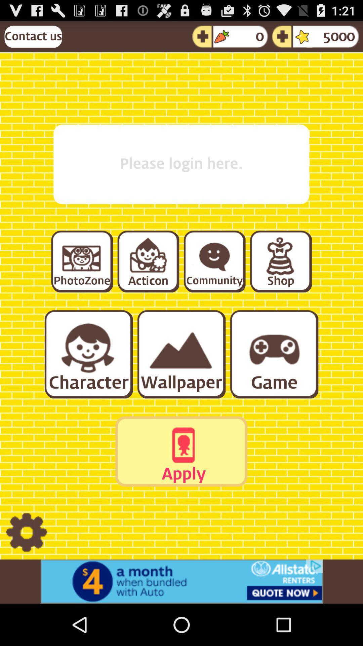 This screenshot has width=363, height=646. I want to click on apply button, so click(181, 451).